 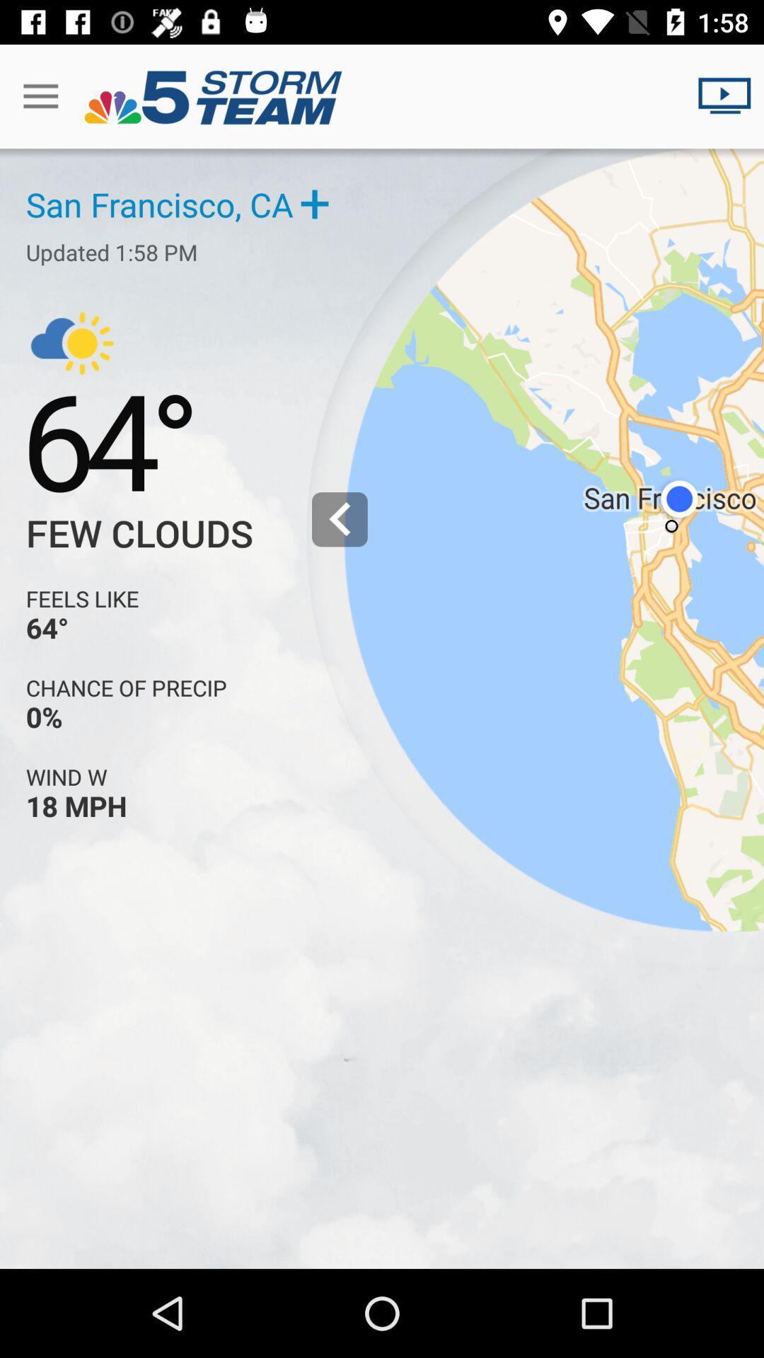 What do you see at coordinates (228, 178) in the screenshot?
I see `the blue text which is just below the title bar` at bounding box center [228, 178].